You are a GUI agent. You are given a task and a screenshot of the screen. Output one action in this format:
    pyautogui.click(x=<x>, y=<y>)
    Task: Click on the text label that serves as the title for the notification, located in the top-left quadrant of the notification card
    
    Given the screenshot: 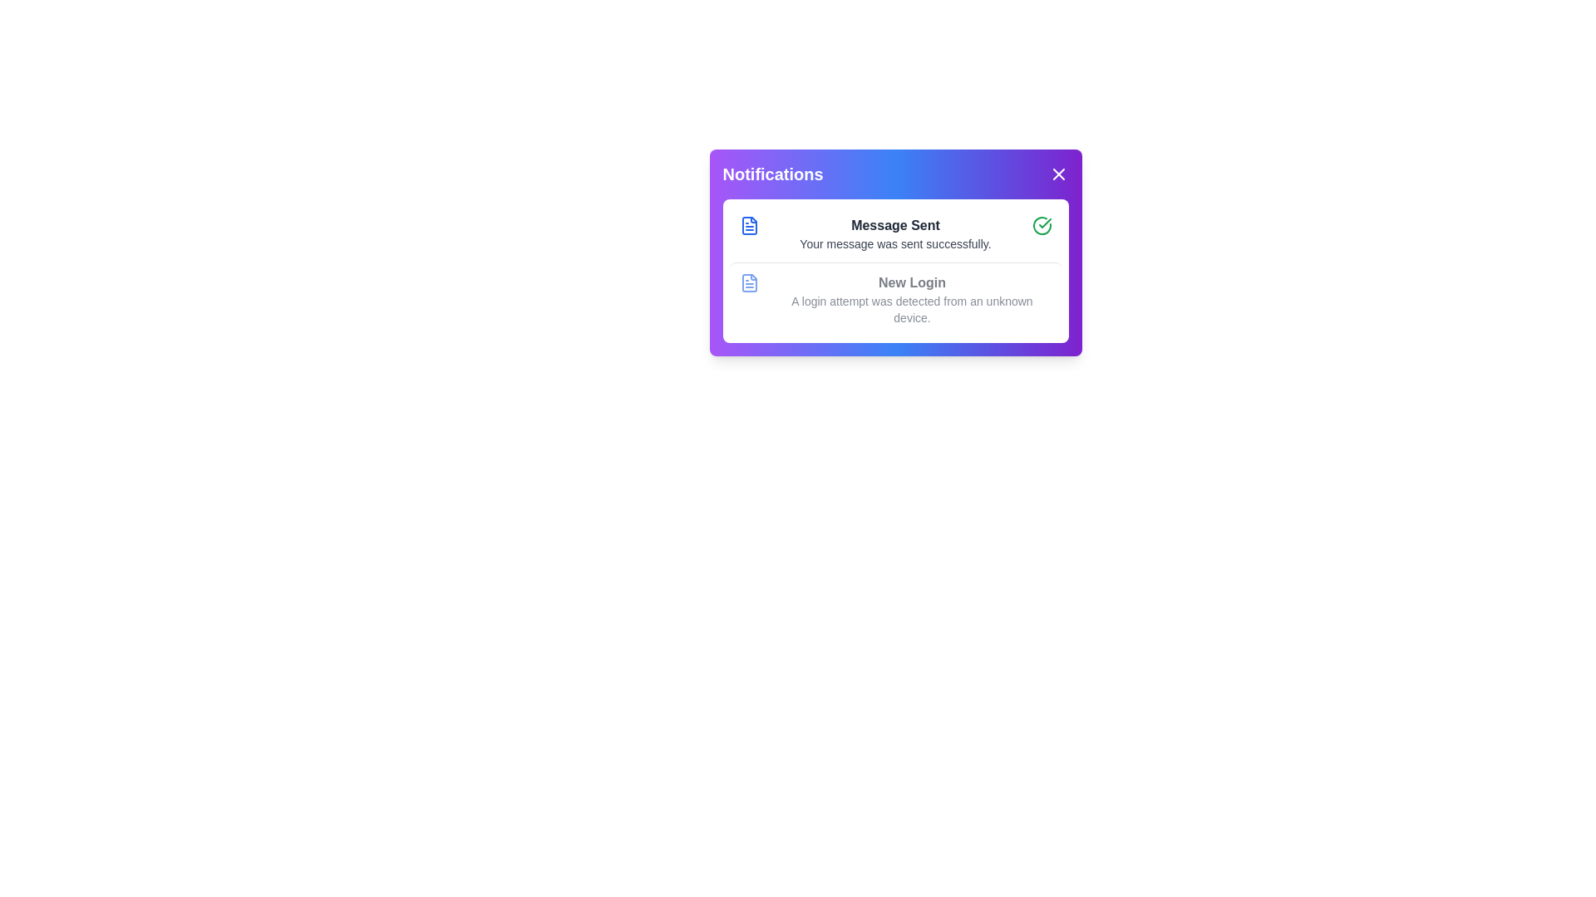 What is the action you would take?
    pyautogui.click(x=894, y=226)
    